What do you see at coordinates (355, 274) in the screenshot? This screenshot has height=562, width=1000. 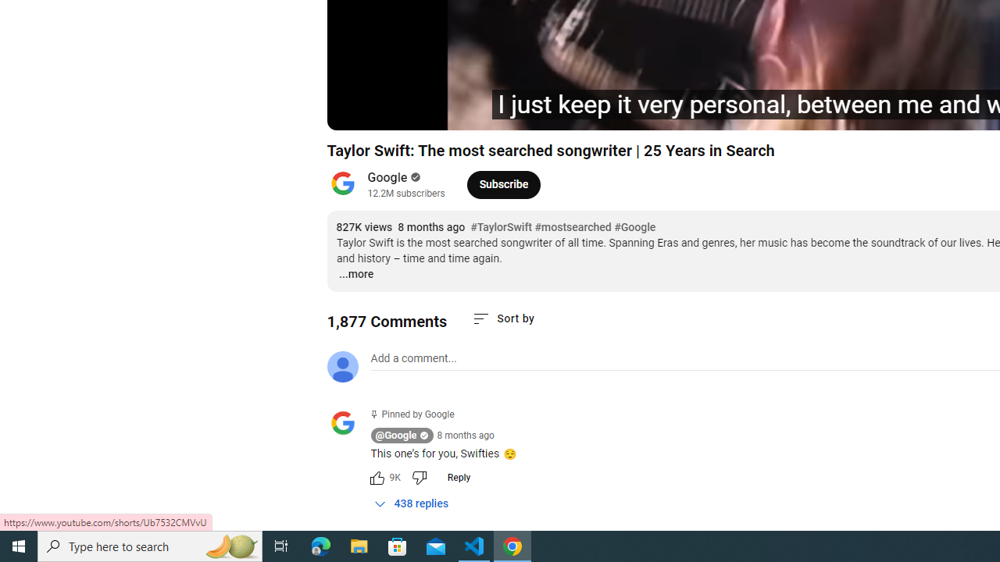 I see `'...more'` at bounding box center [355, 274].